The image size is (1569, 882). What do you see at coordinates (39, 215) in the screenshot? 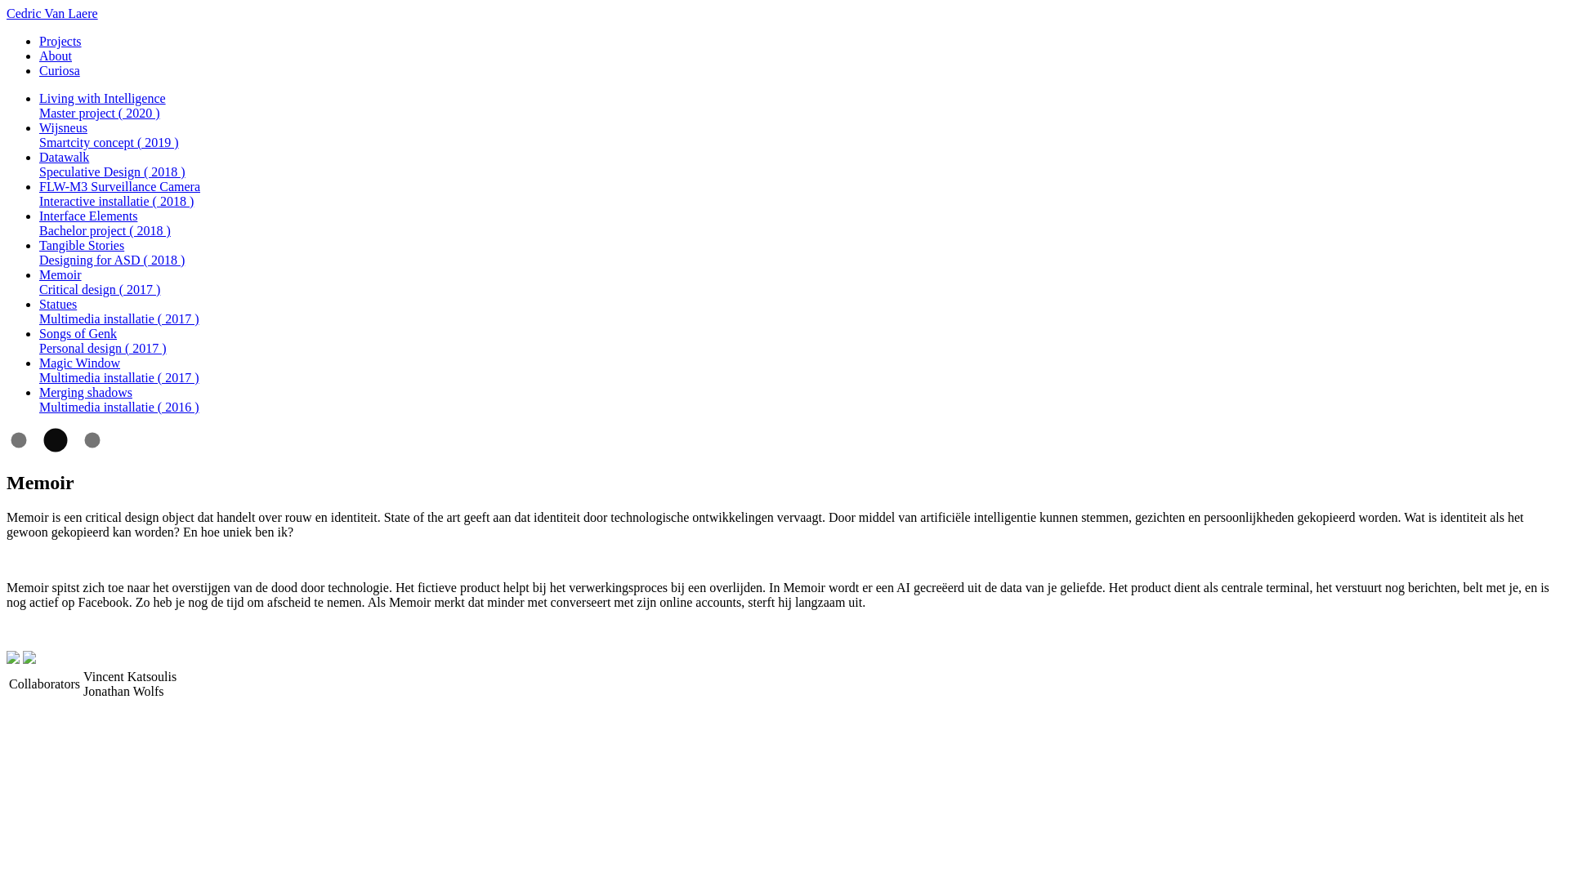
I see `'Interface Elements'` at bounding box center [39, 215].